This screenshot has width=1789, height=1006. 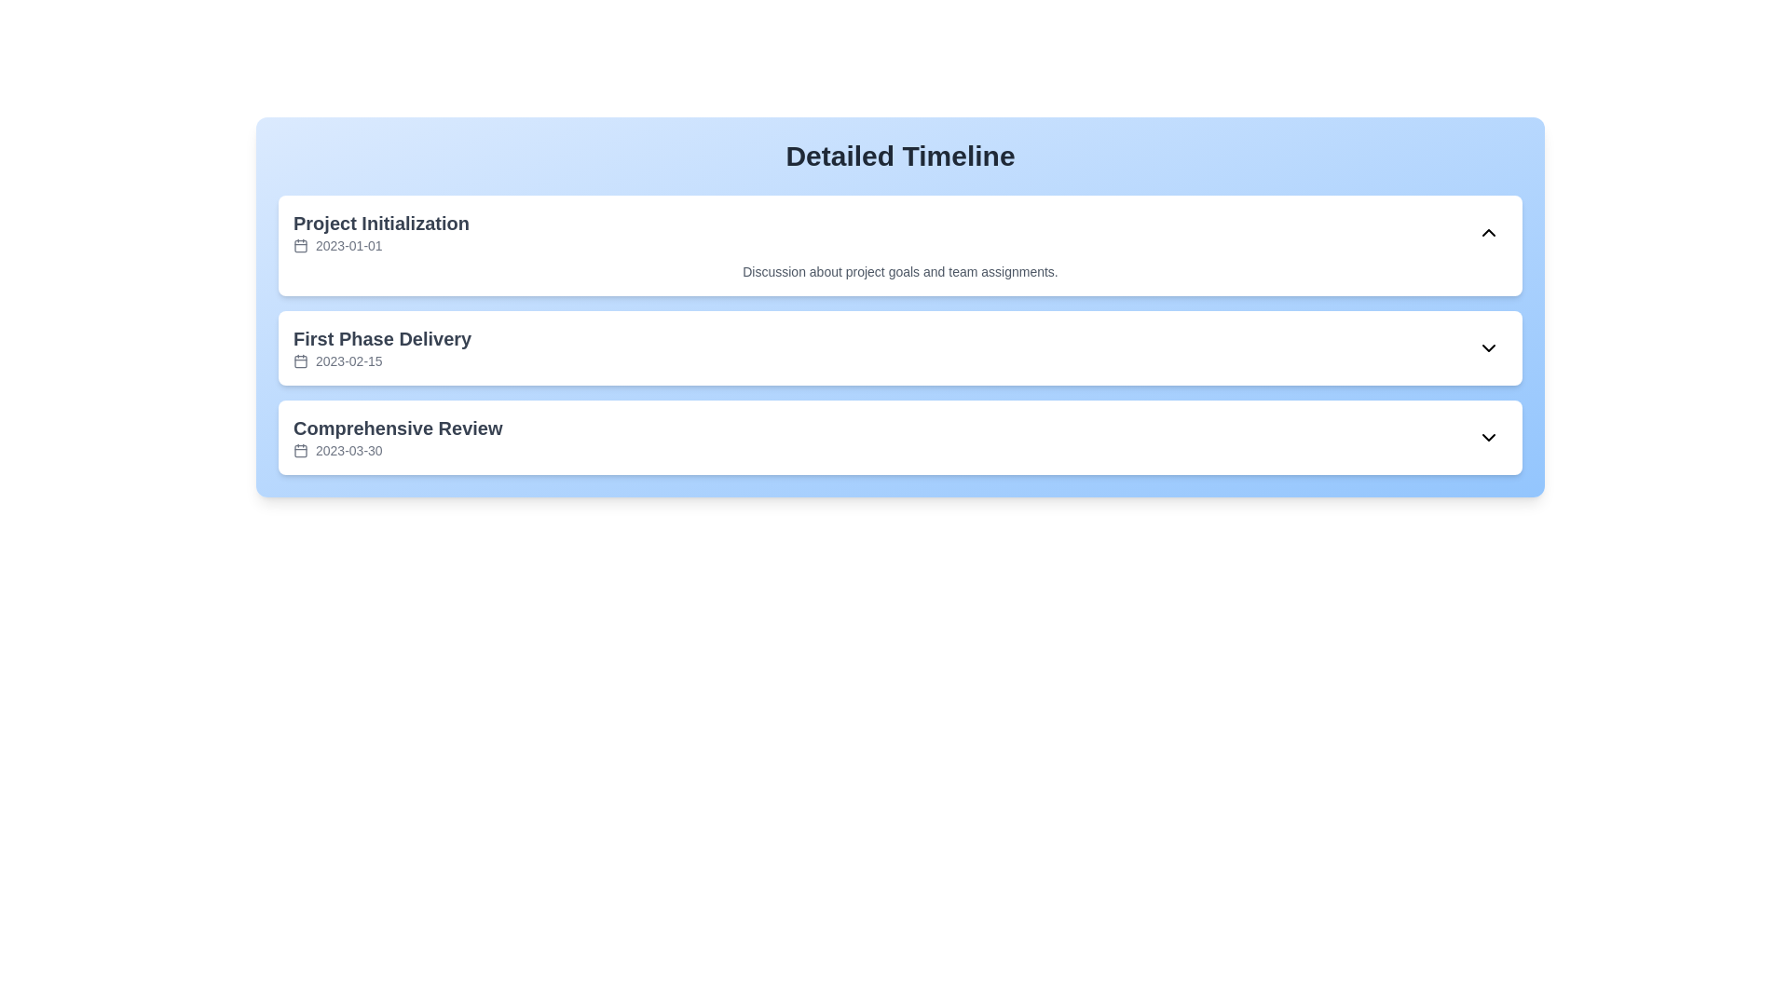 I want to click on the collapse icon located on the right-hand side of the 'Project Initialization' section to hide the expanded details, so click(x=1488, y=232).